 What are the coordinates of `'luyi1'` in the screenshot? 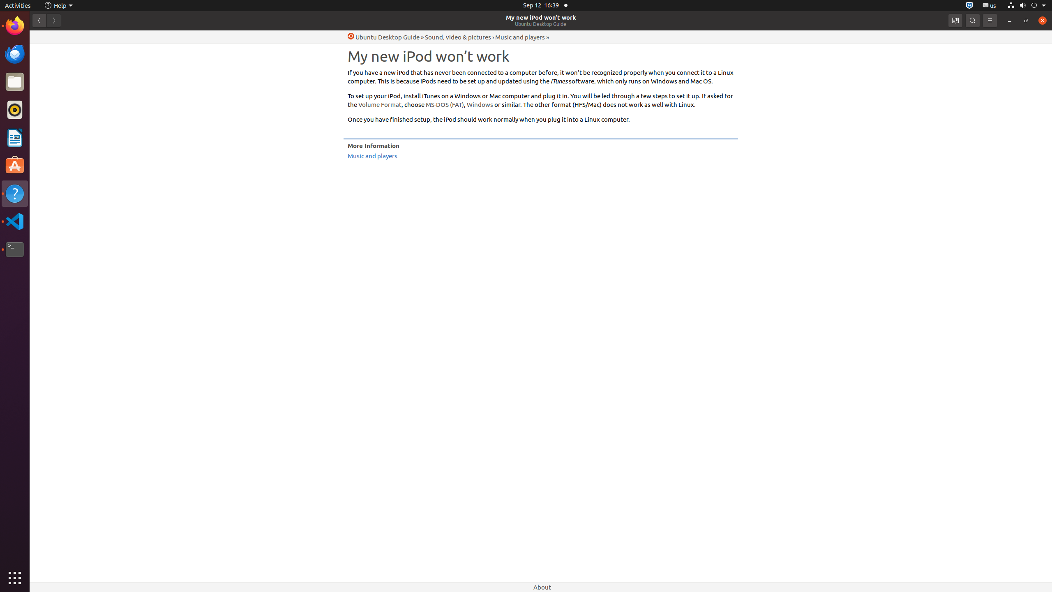 It's located at (55, 36).